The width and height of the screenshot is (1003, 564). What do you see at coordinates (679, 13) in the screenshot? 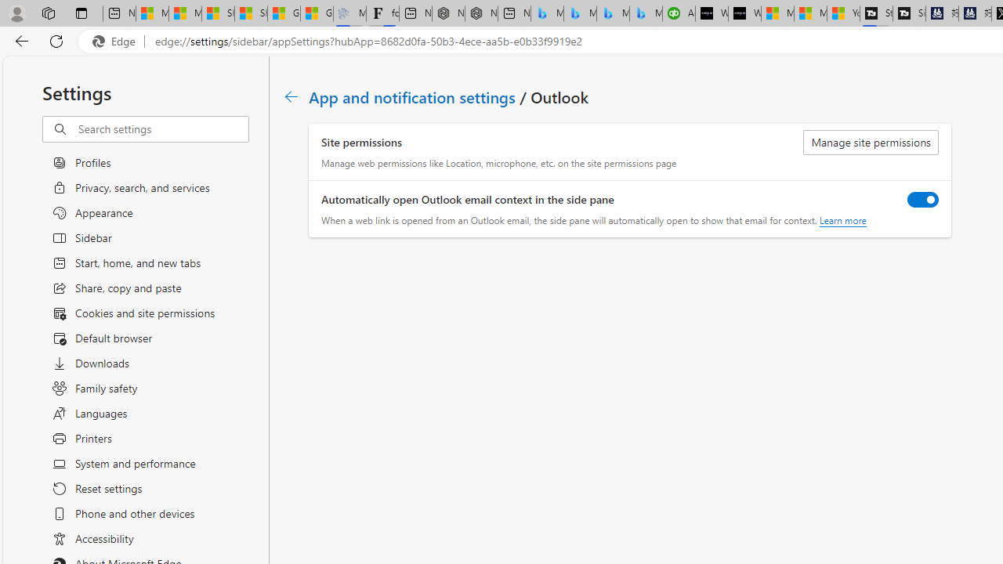
I see `'Accounting Software for Accountants, CPAs and Bookkeepers'` at bounding box center [679, 13].